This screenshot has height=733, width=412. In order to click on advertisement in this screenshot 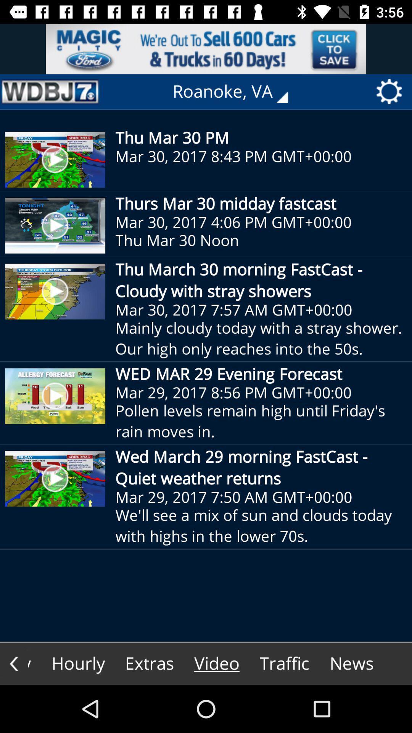, I will do `click(206, 48)`.